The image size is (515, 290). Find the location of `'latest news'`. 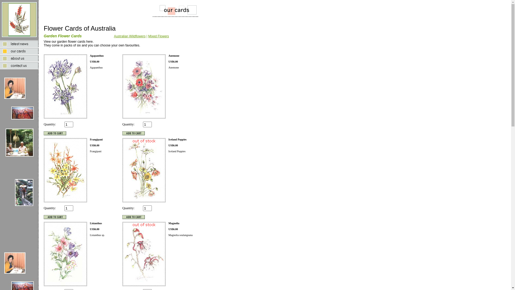

'latest news' is located at coordinates (19, 44).